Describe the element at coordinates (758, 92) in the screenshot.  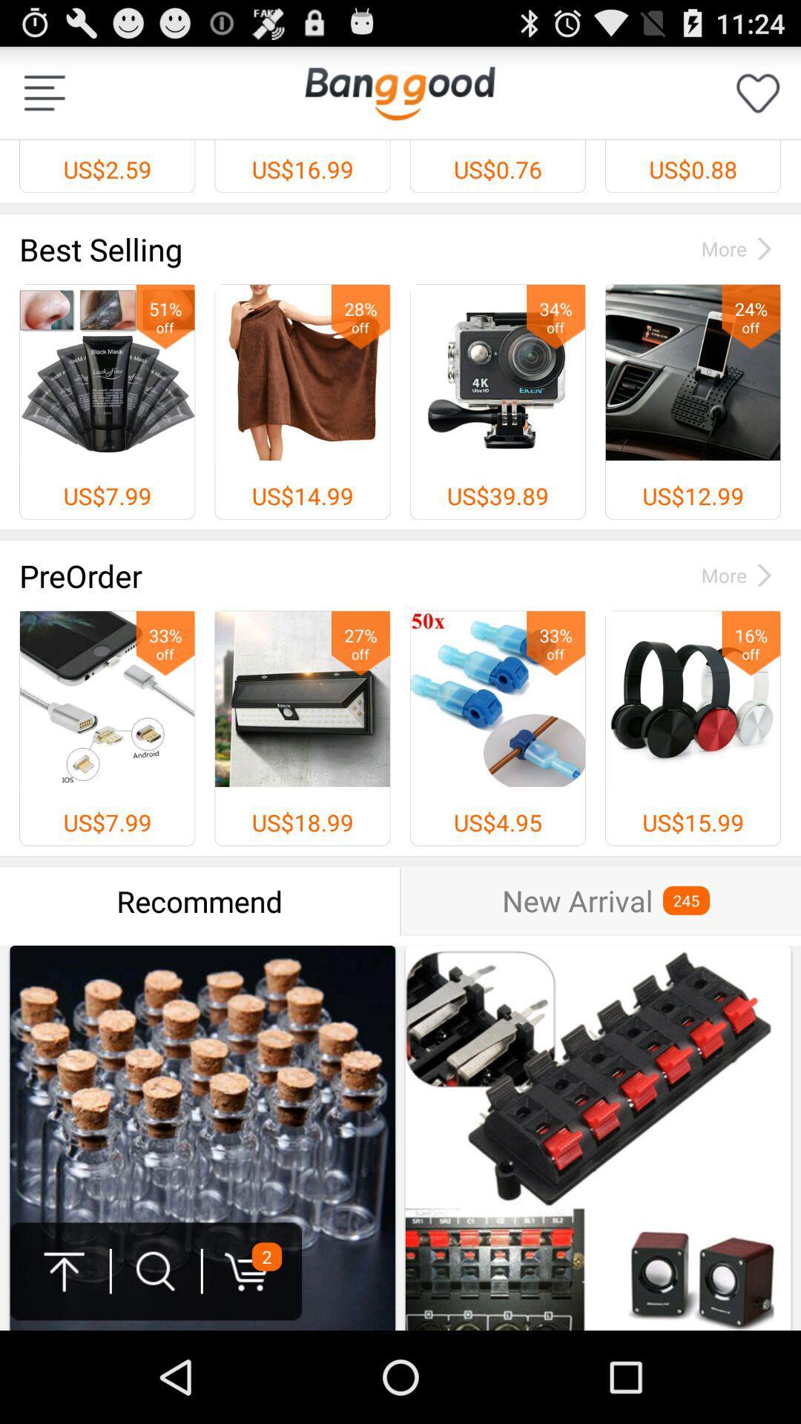
I see `app to the right of us$0.76 item` at that location.